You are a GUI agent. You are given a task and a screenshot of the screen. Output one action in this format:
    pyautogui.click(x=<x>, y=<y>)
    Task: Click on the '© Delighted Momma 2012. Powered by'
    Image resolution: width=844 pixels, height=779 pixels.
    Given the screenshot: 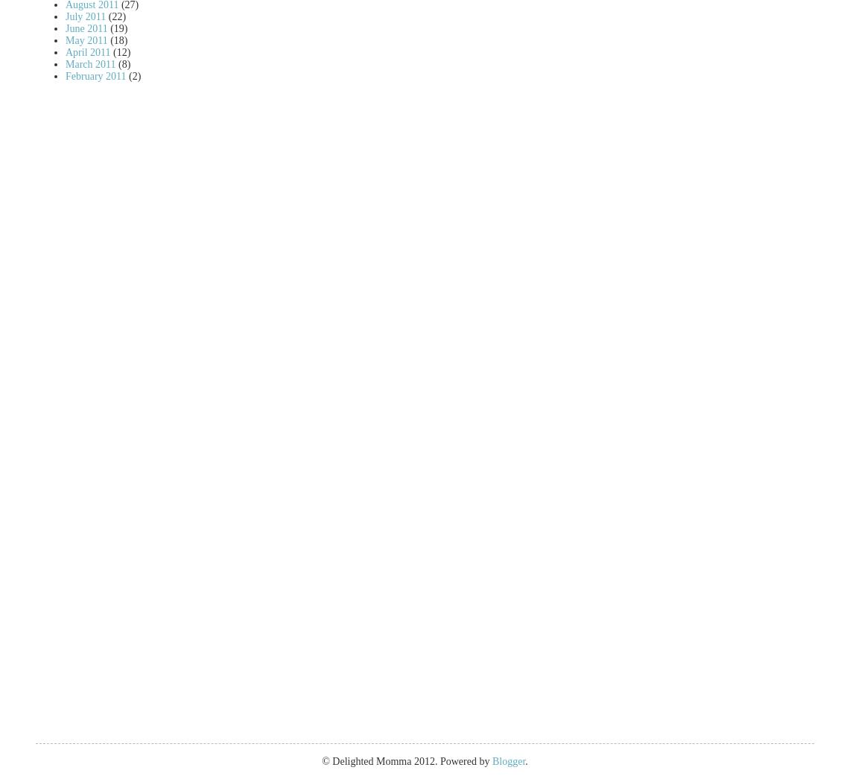 What is the action you would take?
    pyautogui.click(x=405, y=760)
    